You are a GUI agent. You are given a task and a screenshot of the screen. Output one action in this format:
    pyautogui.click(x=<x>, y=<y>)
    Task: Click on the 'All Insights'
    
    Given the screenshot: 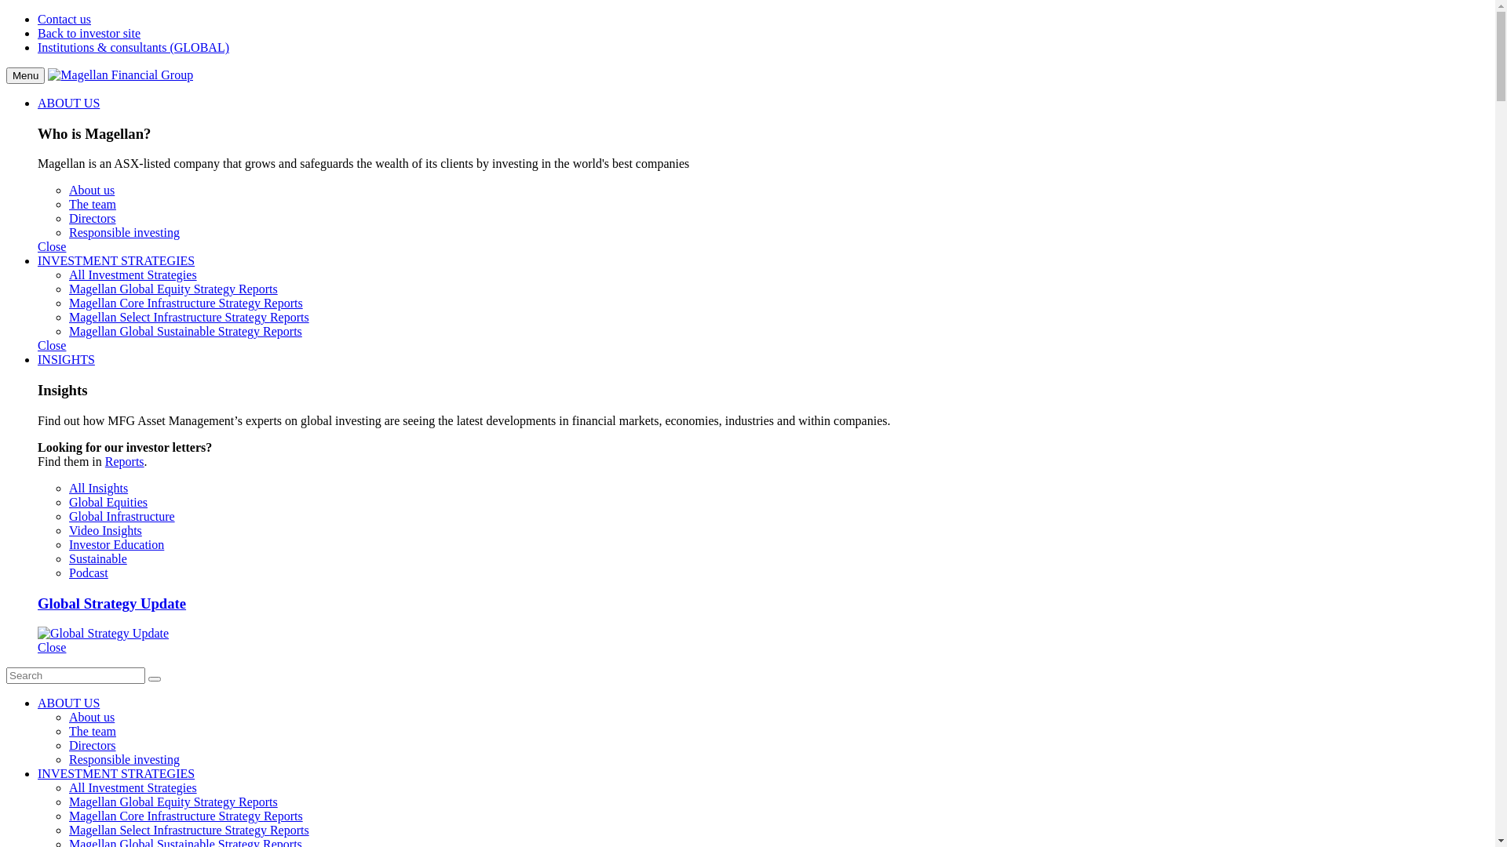 What is the action you would take?
    pyautogui.click(x=97, y=487)
    